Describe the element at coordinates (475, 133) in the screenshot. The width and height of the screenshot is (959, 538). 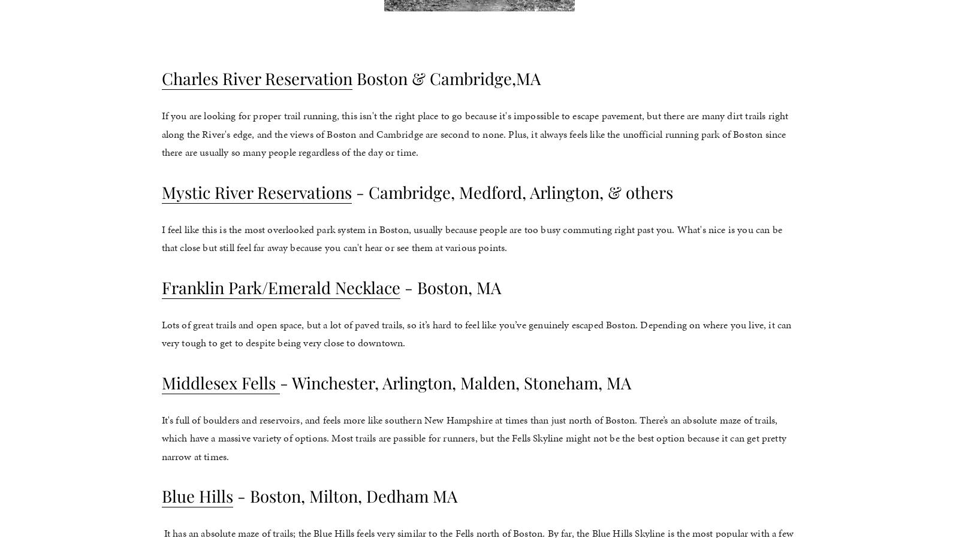
I see `'If you are looking for proper trail running, this isn't the right place to go because it's impossible to escape pavement, but there are many dirt trails right along the River's edge, and the views of Boston and Cambridge are second to none. Plus, it always feels like the unofficial running park of Boston since there are usually so many people regardless of the day or time.'` at that location.